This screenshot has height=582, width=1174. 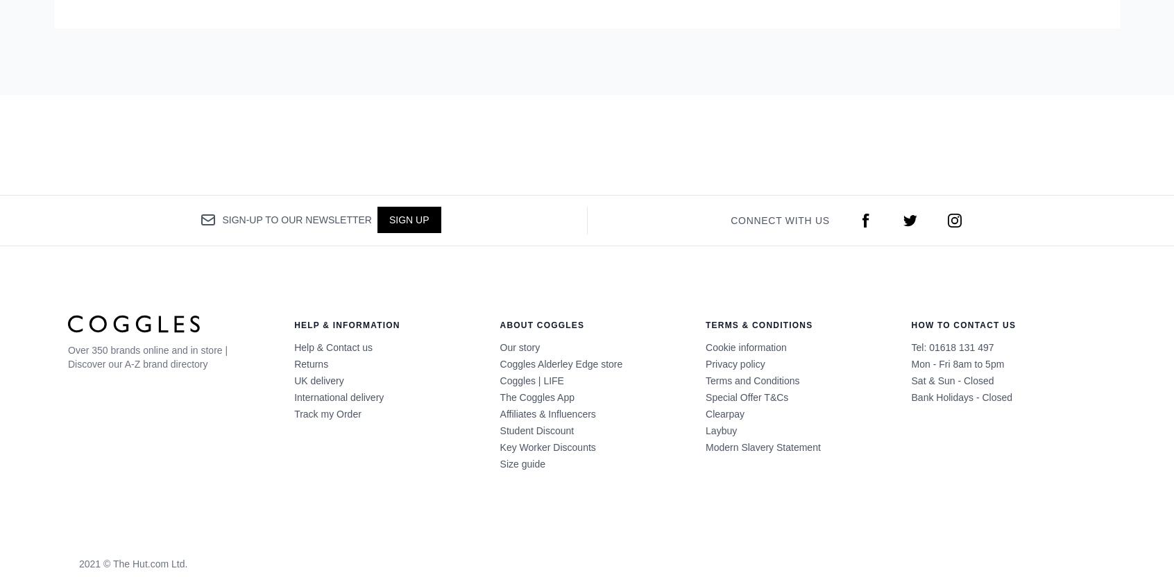 I want to click on 'How to contact us', so click(x=963, y=323).